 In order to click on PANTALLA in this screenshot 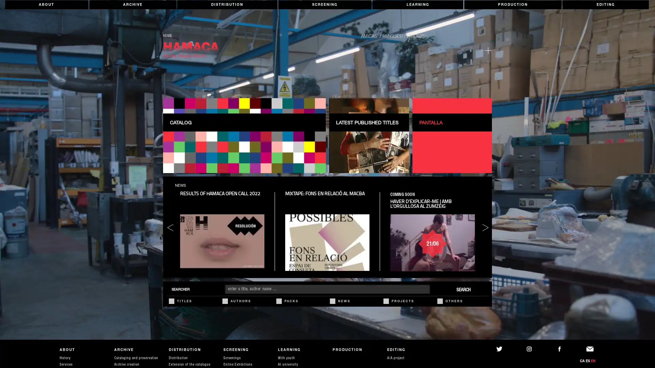, I will do `click(452, 135)`.